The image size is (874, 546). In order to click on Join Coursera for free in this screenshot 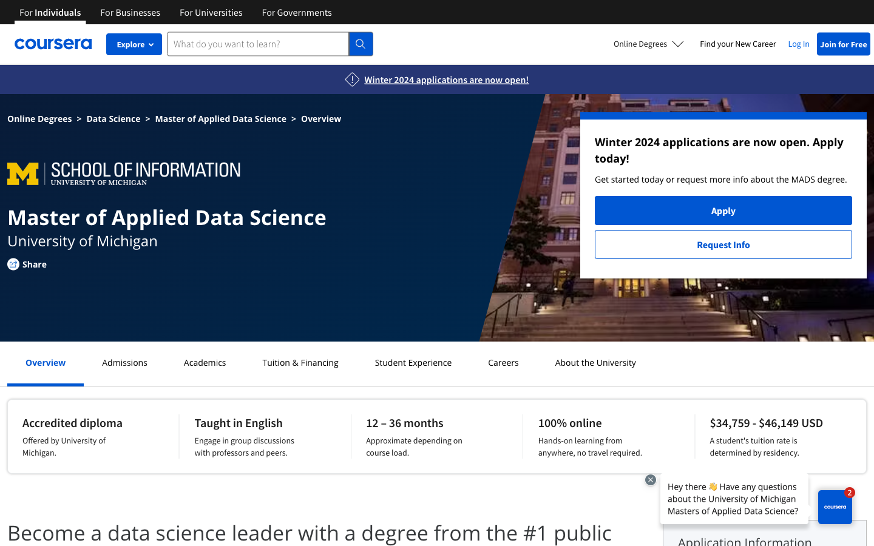, I will do `click(844, 43)`.